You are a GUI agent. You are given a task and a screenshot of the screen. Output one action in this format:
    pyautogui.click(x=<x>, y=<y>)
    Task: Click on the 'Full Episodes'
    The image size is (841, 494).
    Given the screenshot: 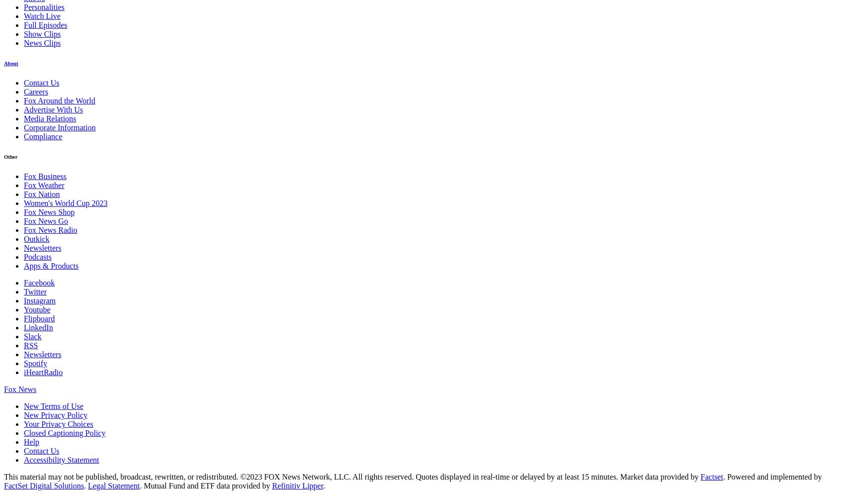 What is the action you would take?
    pyautogui.click(x=45, y=25)
    